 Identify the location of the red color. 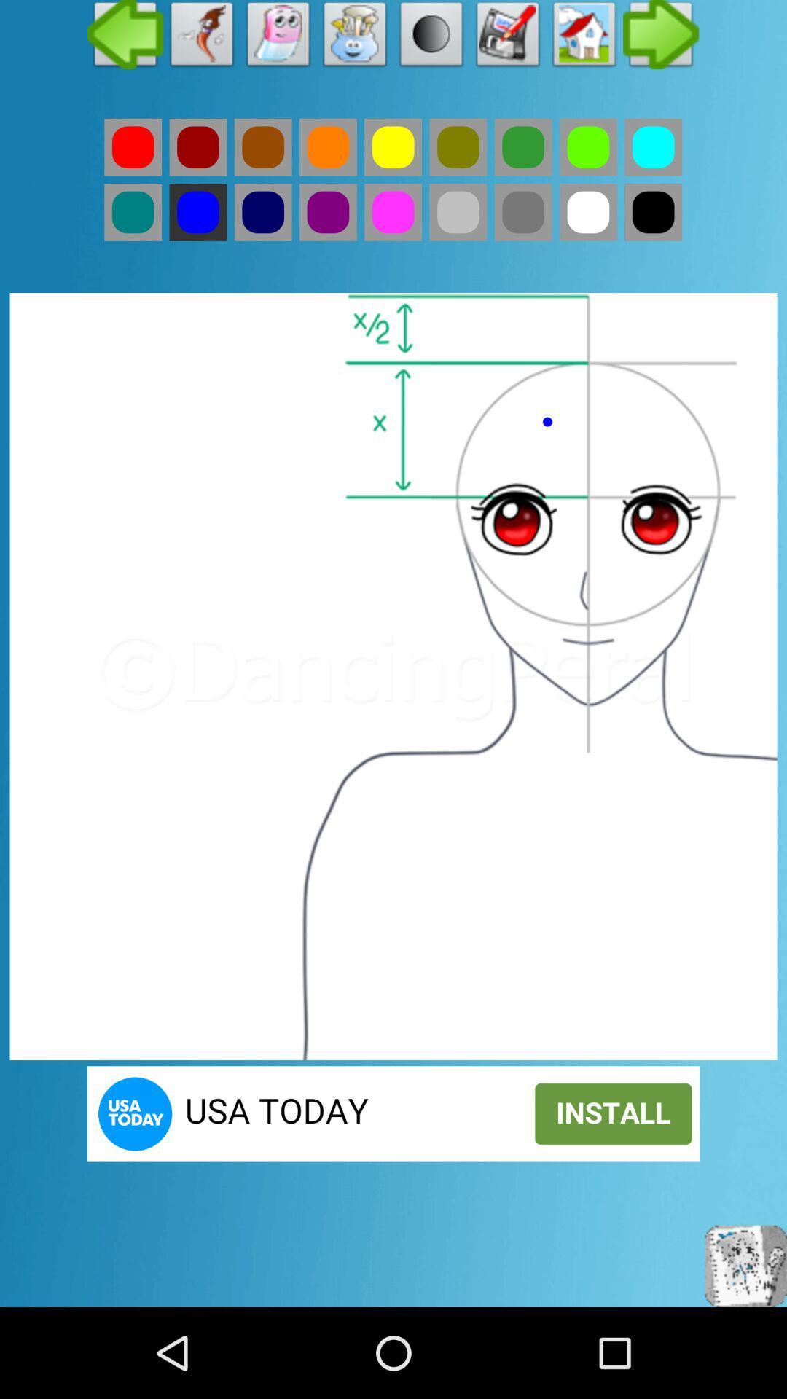
(133, 147).